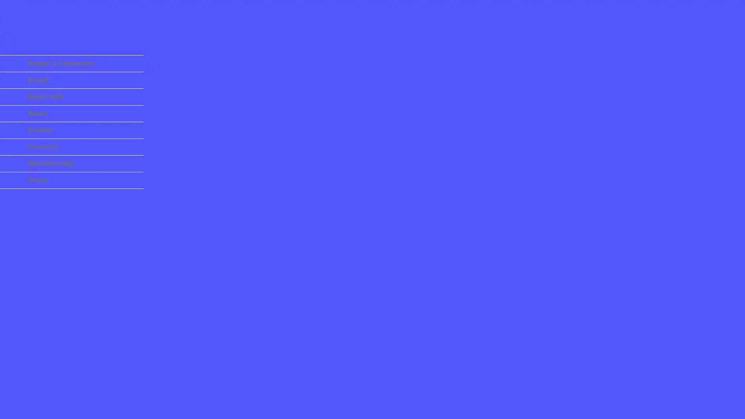 The image size is (745, 419). Describe the element at coordinates (413, 88) in the screenshot. I see `U+0D14` at that location.